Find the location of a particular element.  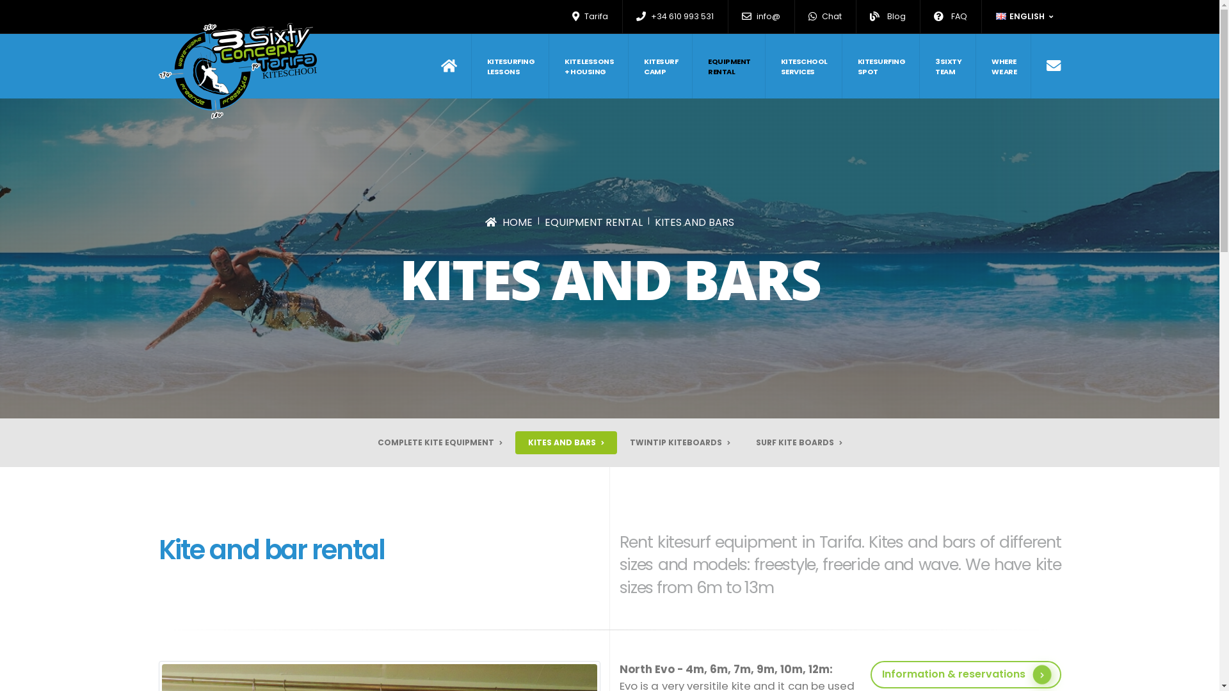

'3SIXTY TEAM' is located at coordinates (920, 66).